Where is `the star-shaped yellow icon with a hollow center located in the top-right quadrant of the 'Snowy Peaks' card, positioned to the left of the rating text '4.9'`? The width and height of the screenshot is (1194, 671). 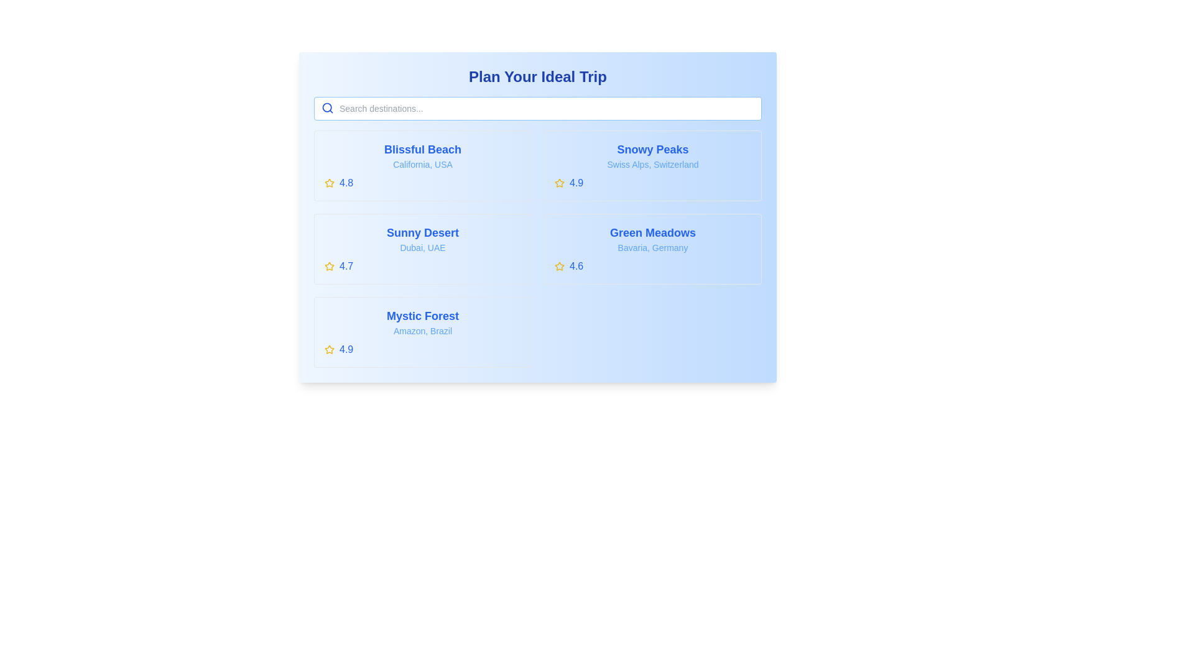 the star-shaped yellow icon with a hollow center located in the top-right quadrant of the 'Snowy Peaks' card, positioned to the left of the rating text '4.9' is located at coordinates (559, 183).